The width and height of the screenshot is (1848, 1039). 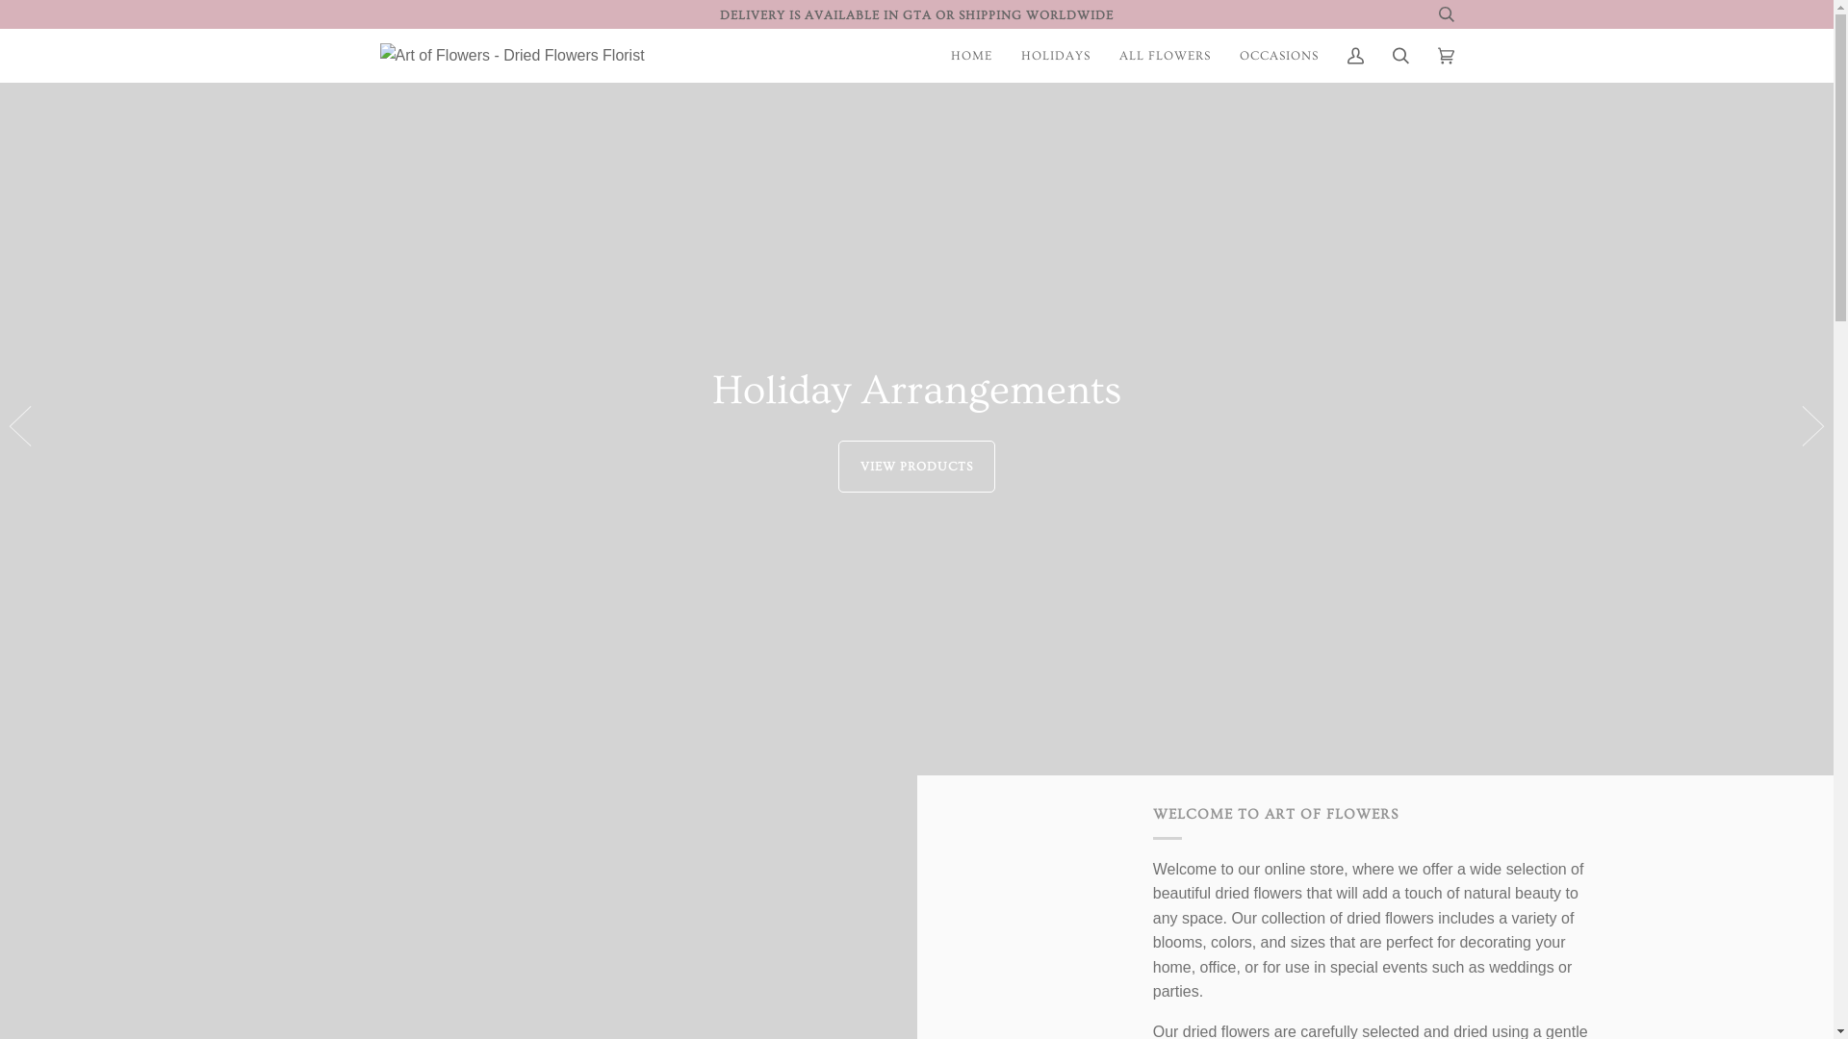 What do you see at coordinates (1055, 54) in the screenshot?
I see `'HOLIDAYS'` at bounding box center [1055, 54].